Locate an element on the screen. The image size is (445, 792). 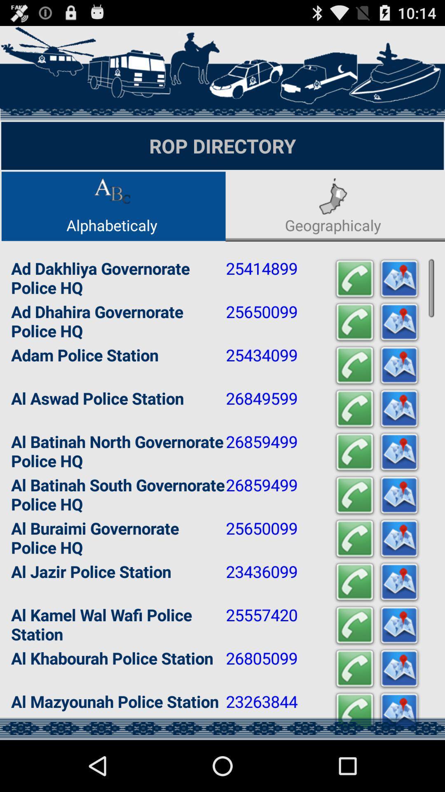
call is located at coordinates (354, 452).